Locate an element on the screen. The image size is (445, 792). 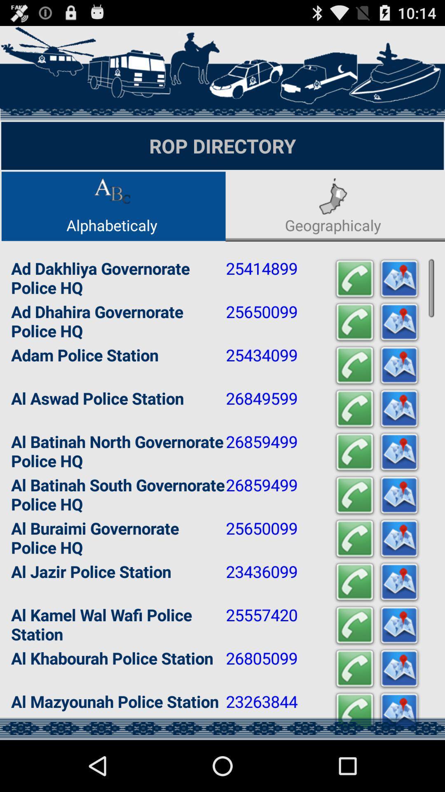
call is located at coordinates (354, 452).